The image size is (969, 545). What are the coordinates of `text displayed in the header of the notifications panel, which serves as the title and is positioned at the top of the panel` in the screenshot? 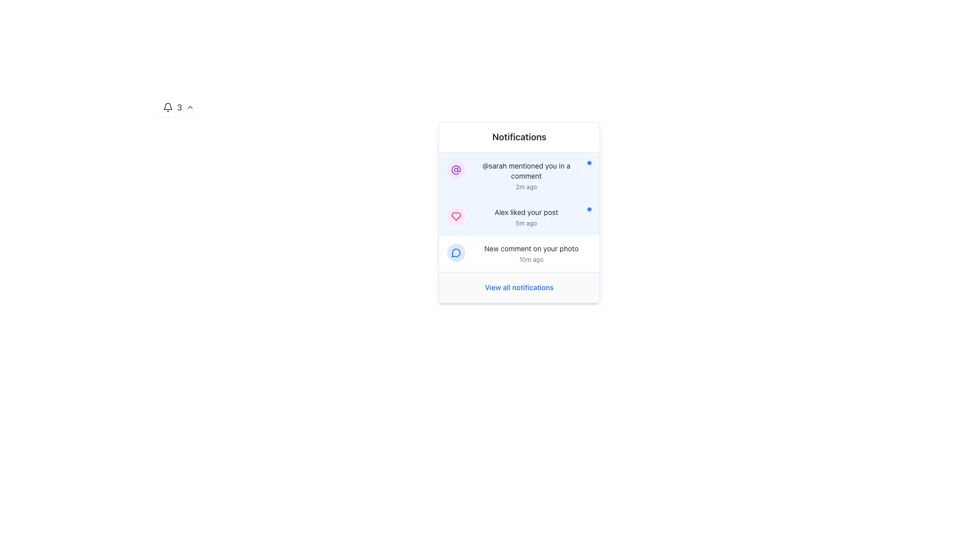 It's located at (519, 137).